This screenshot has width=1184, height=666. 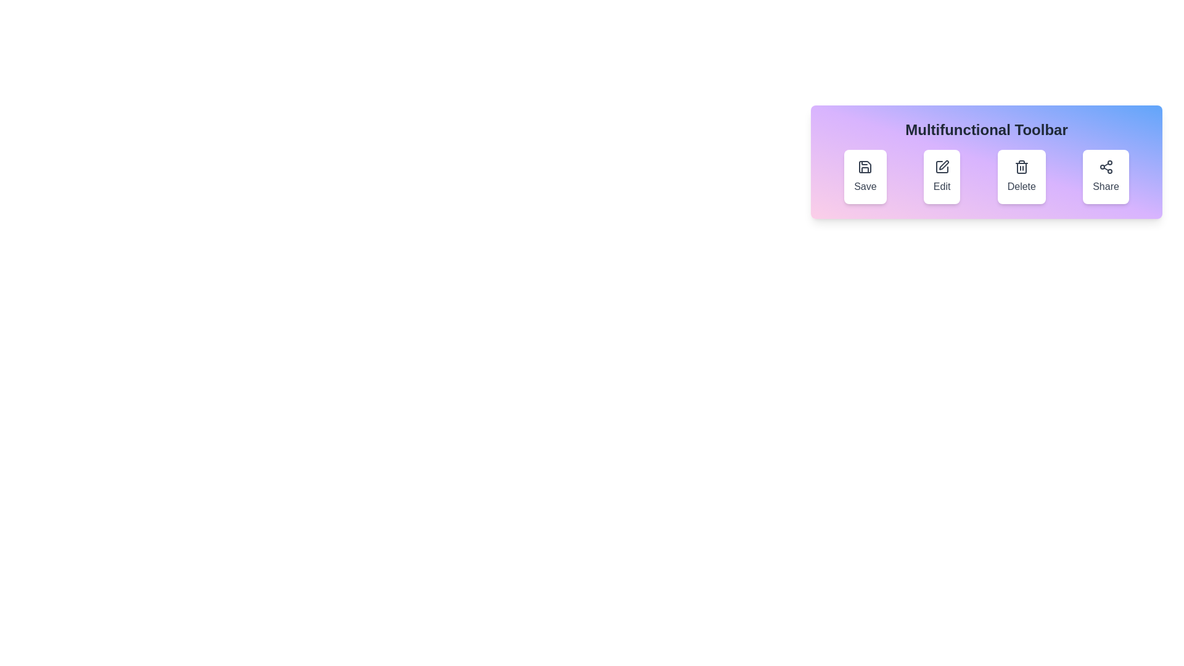 I want to click on the second button in the 'Multifunctional Toolbar', so click(x=941, y=176).